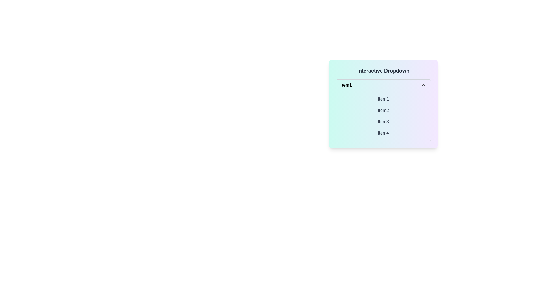 This screenshot has height=306, width=544. Describe the element at coordinates (383, 110) in the screenshot. I see `the dropdown menu located below the header 'Interactive Dropdown'` at that location.